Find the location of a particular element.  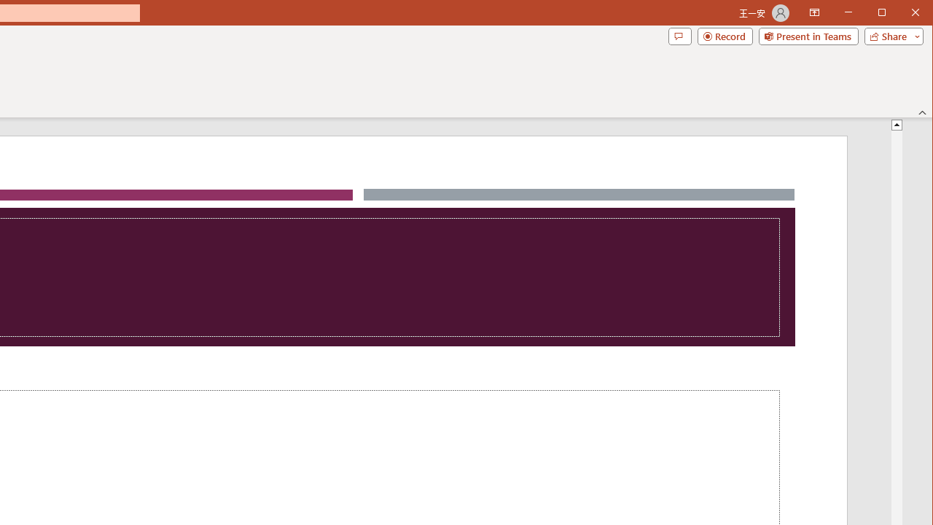

'Maximize' is located at coordinates (902, 14).